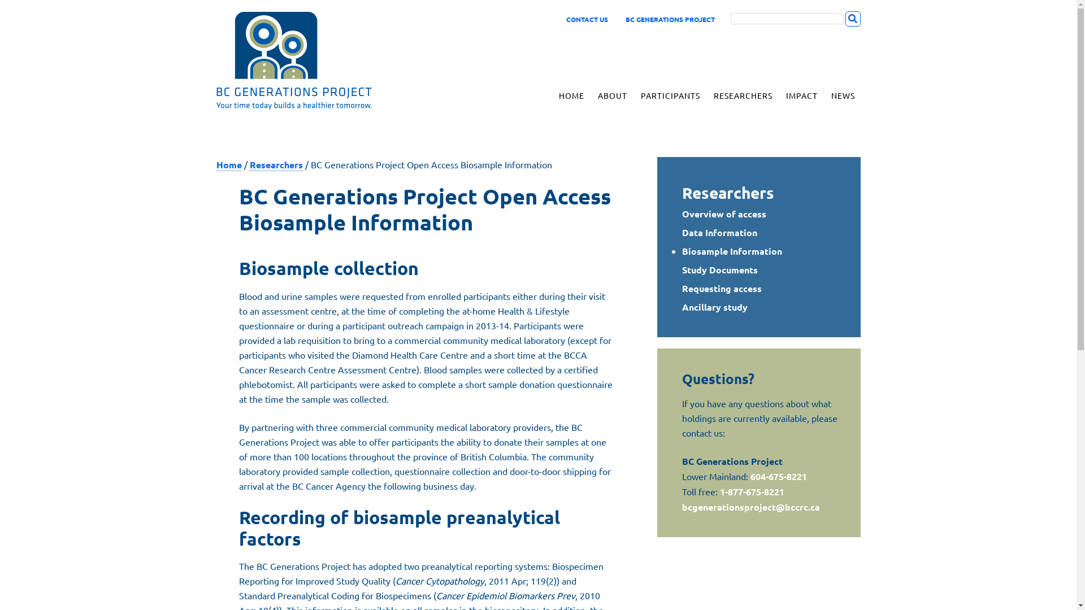  Describe the element at coordinates (228, 165) in the screenshot. I see `'Home'` at that location.